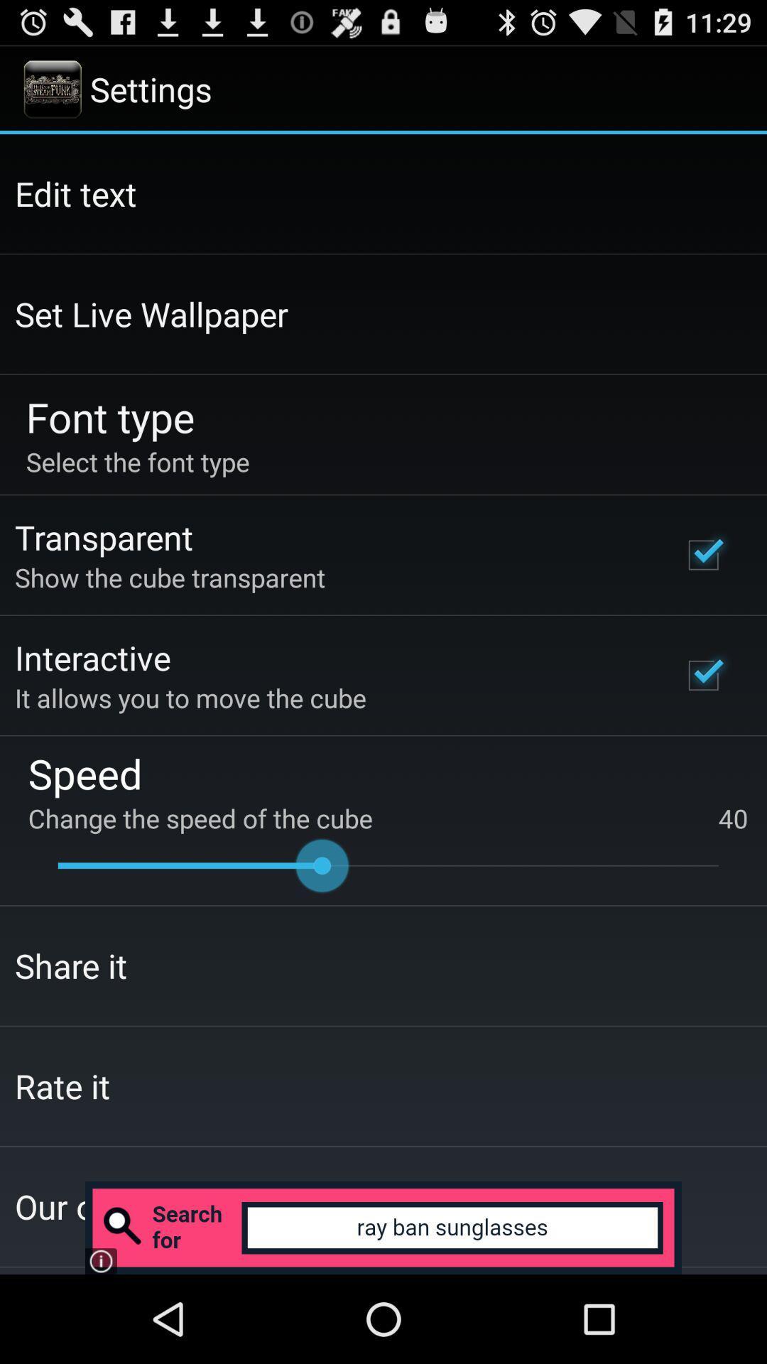 This screenshot has height=1364, width=767. What do you see at coordinates (383, 1227) in the screenshot?
I see `search bar` at bounding box center [383, 1227].